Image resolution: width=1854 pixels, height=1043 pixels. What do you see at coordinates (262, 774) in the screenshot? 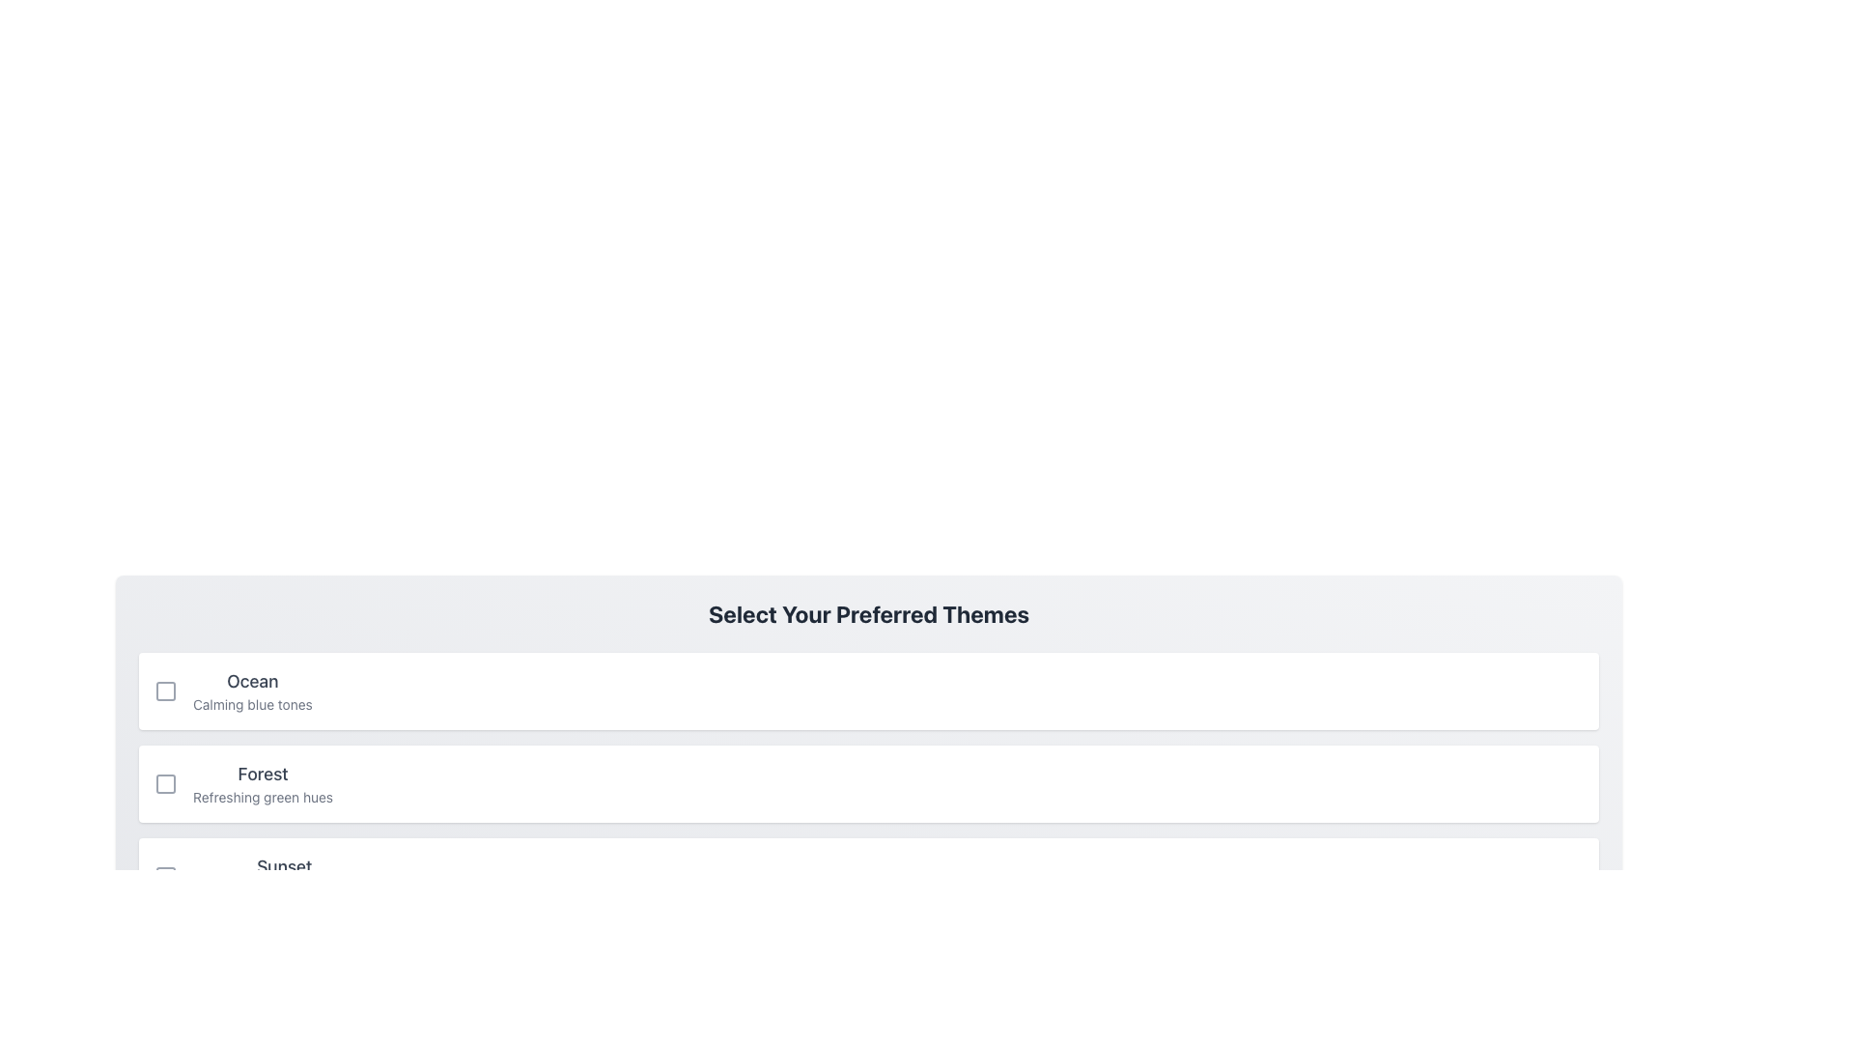
I see `the 'Forest' theme text label, which identifies the theme in a list of options and is positioned above the descriptive text 'Refreshing green hues'` at bounding box center [262, 774].